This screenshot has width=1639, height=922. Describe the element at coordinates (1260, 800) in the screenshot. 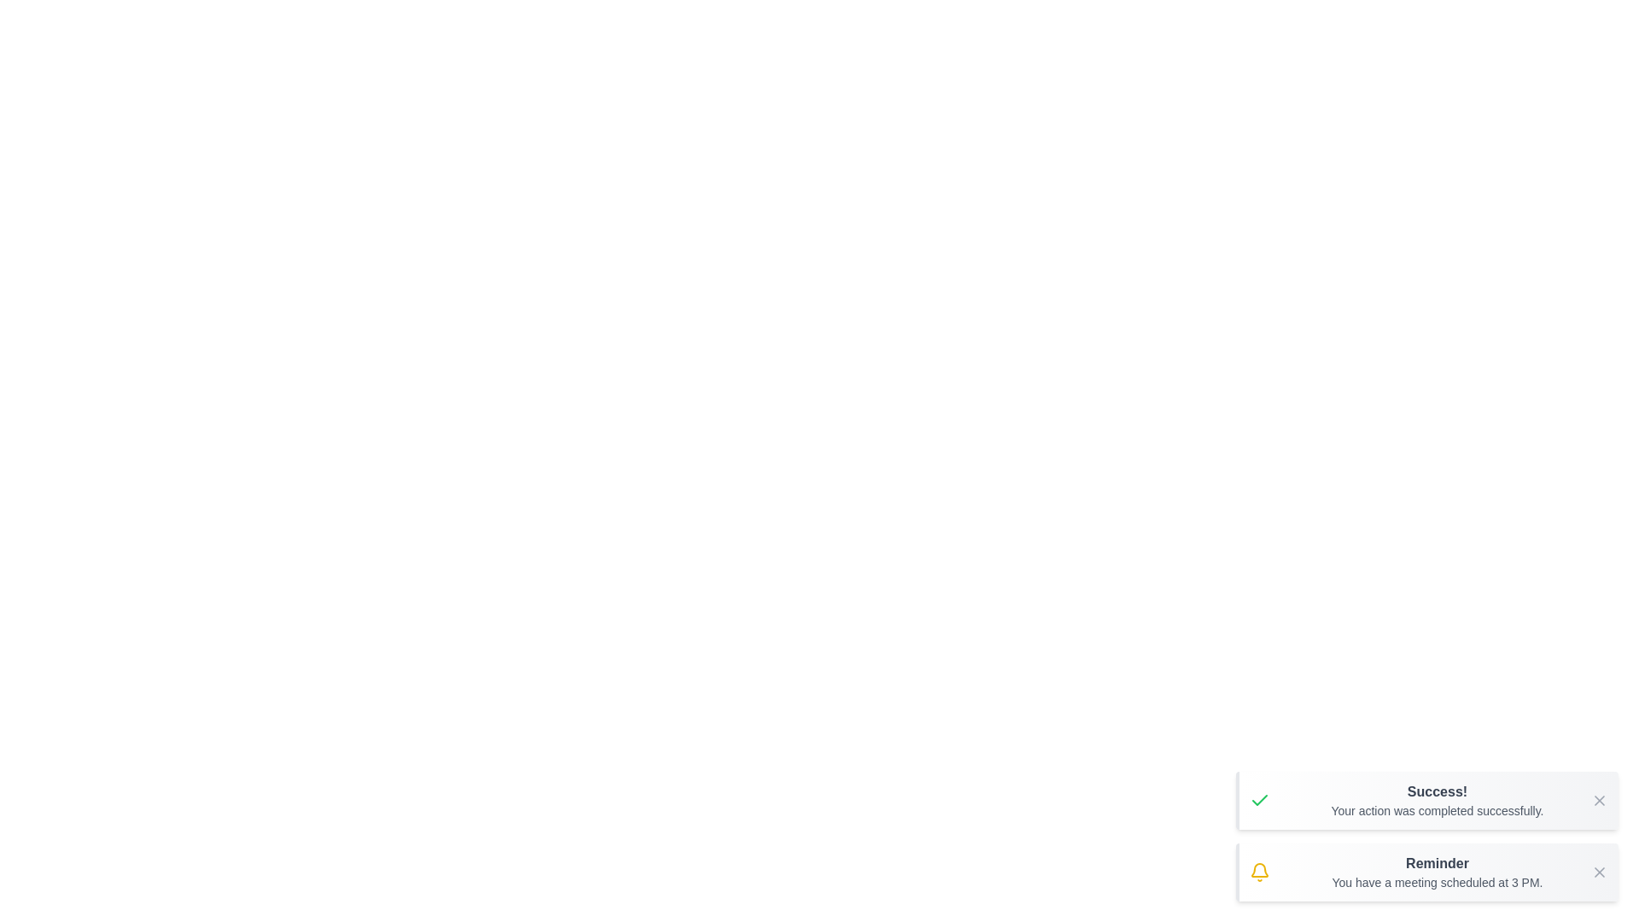

I see `the icon representing the notification type for the notification titled 'Success!'` at that location.